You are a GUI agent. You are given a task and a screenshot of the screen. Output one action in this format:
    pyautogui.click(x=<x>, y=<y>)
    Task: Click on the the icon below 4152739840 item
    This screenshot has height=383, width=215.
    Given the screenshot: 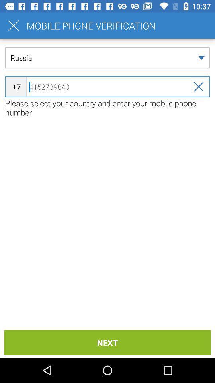 What is the action you would take?
    pyautogui.click(x=107, y=107)
    